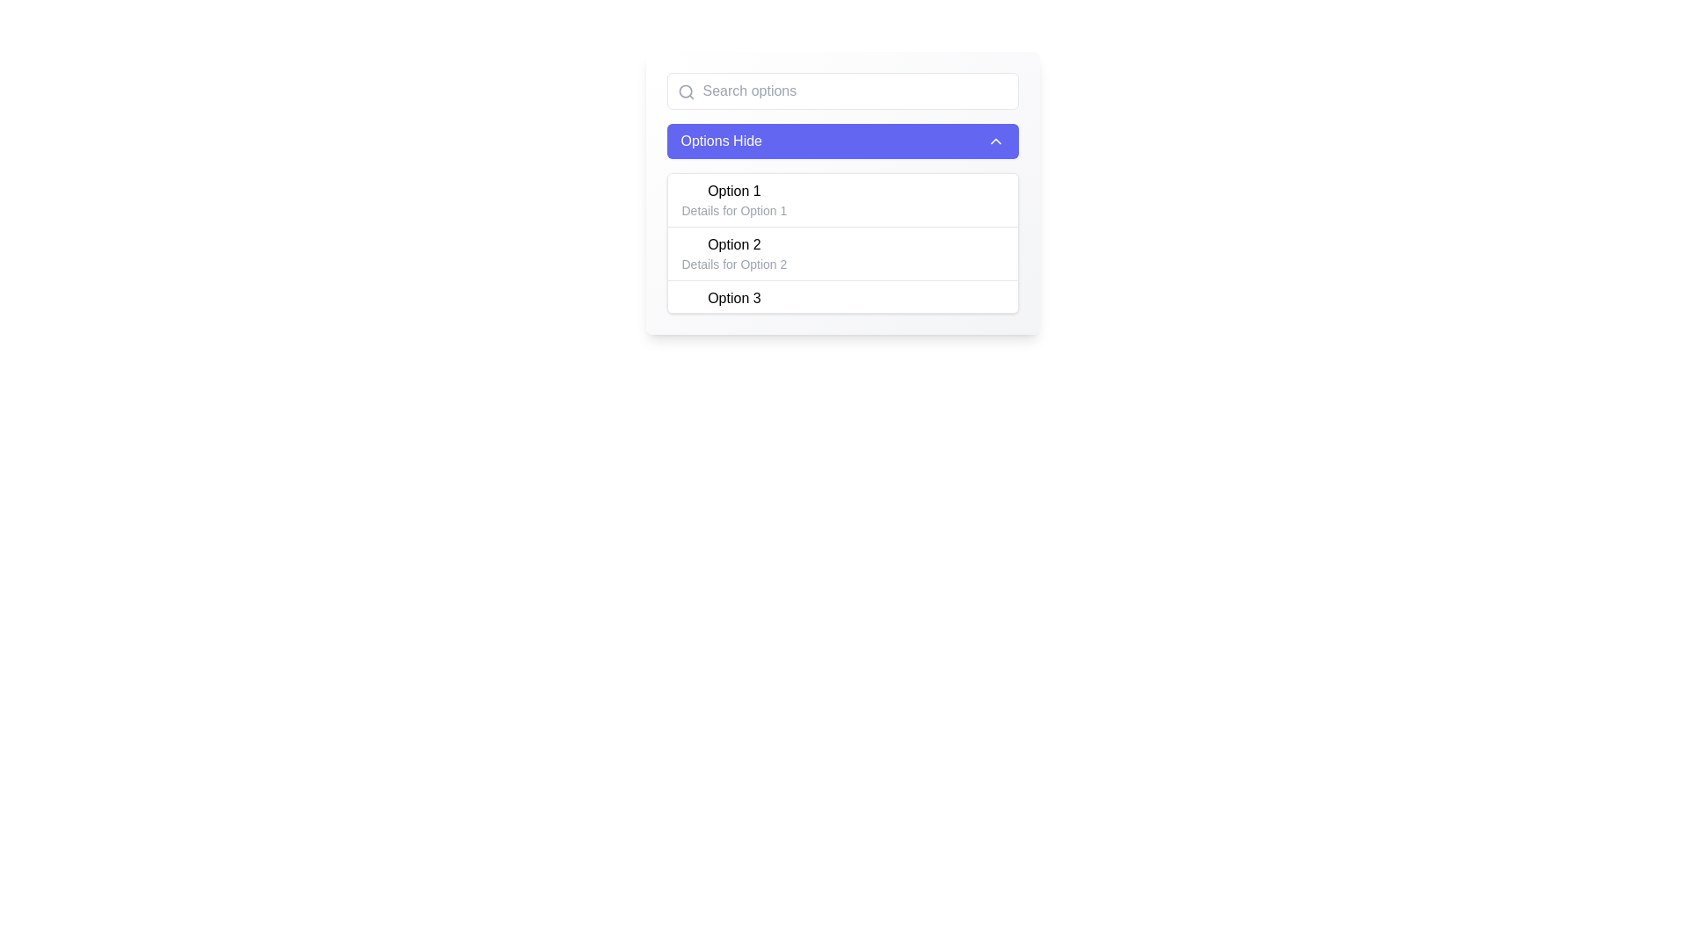 The height and width of the screenshot is (949, 1688). What do you see at coordinates (841, 306) in the screenshot?
I see `the selectable option labeled 'Option 3' which displays additional details below it, indicating its interactive nature in the dropdown menu` at bounding box center [841, 306].